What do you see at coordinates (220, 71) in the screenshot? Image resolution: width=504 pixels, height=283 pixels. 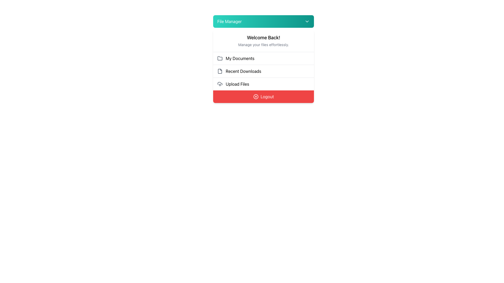 I see `the 'Recent Downloads' SVG Icon, which is positioned to the left of the 'Recent Downloads' text in a vertical list of options` at bounding box center [220, 71].